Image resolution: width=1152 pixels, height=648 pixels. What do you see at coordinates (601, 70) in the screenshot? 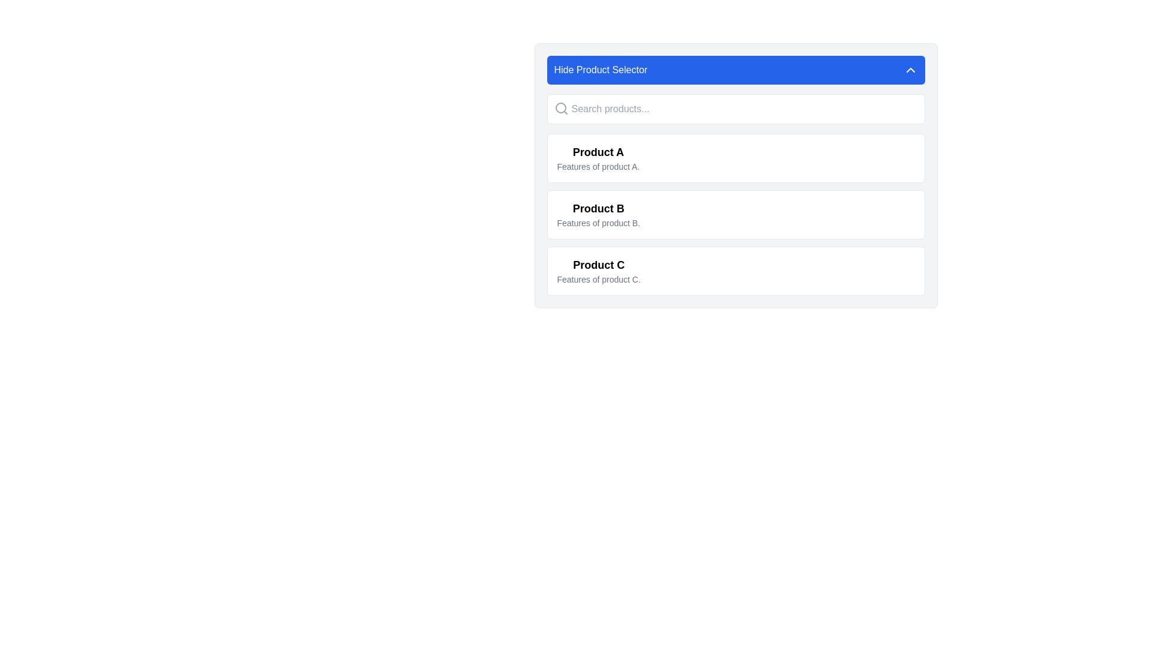
I see `the text label 'Hide Product Selector' which is rendered in white against a blue background, located in the upper portion of the interface` at bounding box center [601, 70].